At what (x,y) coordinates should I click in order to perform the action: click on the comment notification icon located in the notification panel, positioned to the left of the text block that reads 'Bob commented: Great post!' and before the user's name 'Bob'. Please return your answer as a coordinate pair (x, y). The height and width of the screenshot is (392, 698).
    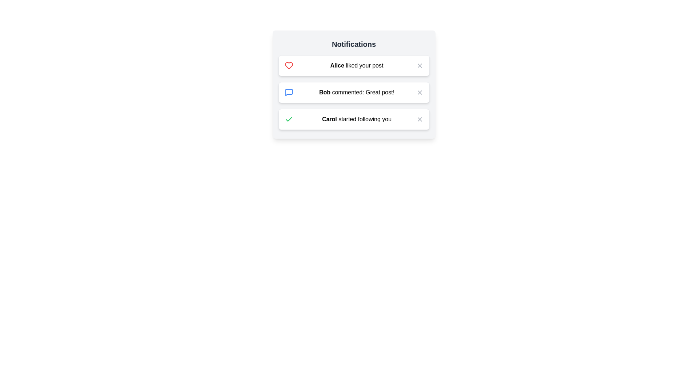
    Looking at the image, I should click on (288, 92).